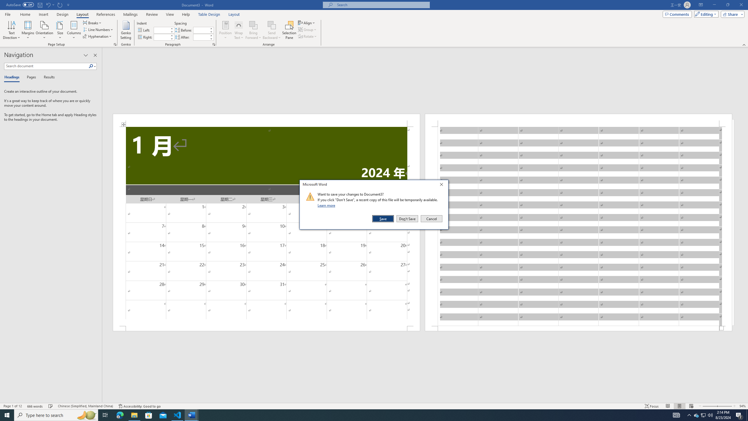  Describe the element at coordinates (98, 36) in the screenshot. I see `'Hyphenation'` at that location.